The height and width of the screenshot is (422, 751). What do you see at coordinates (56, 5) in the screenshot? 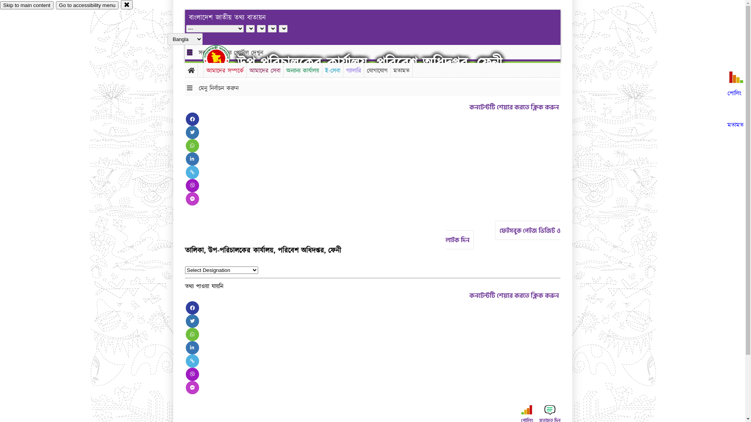
I see `'Go to accessibility menu'` at bounding box center [56, 5].